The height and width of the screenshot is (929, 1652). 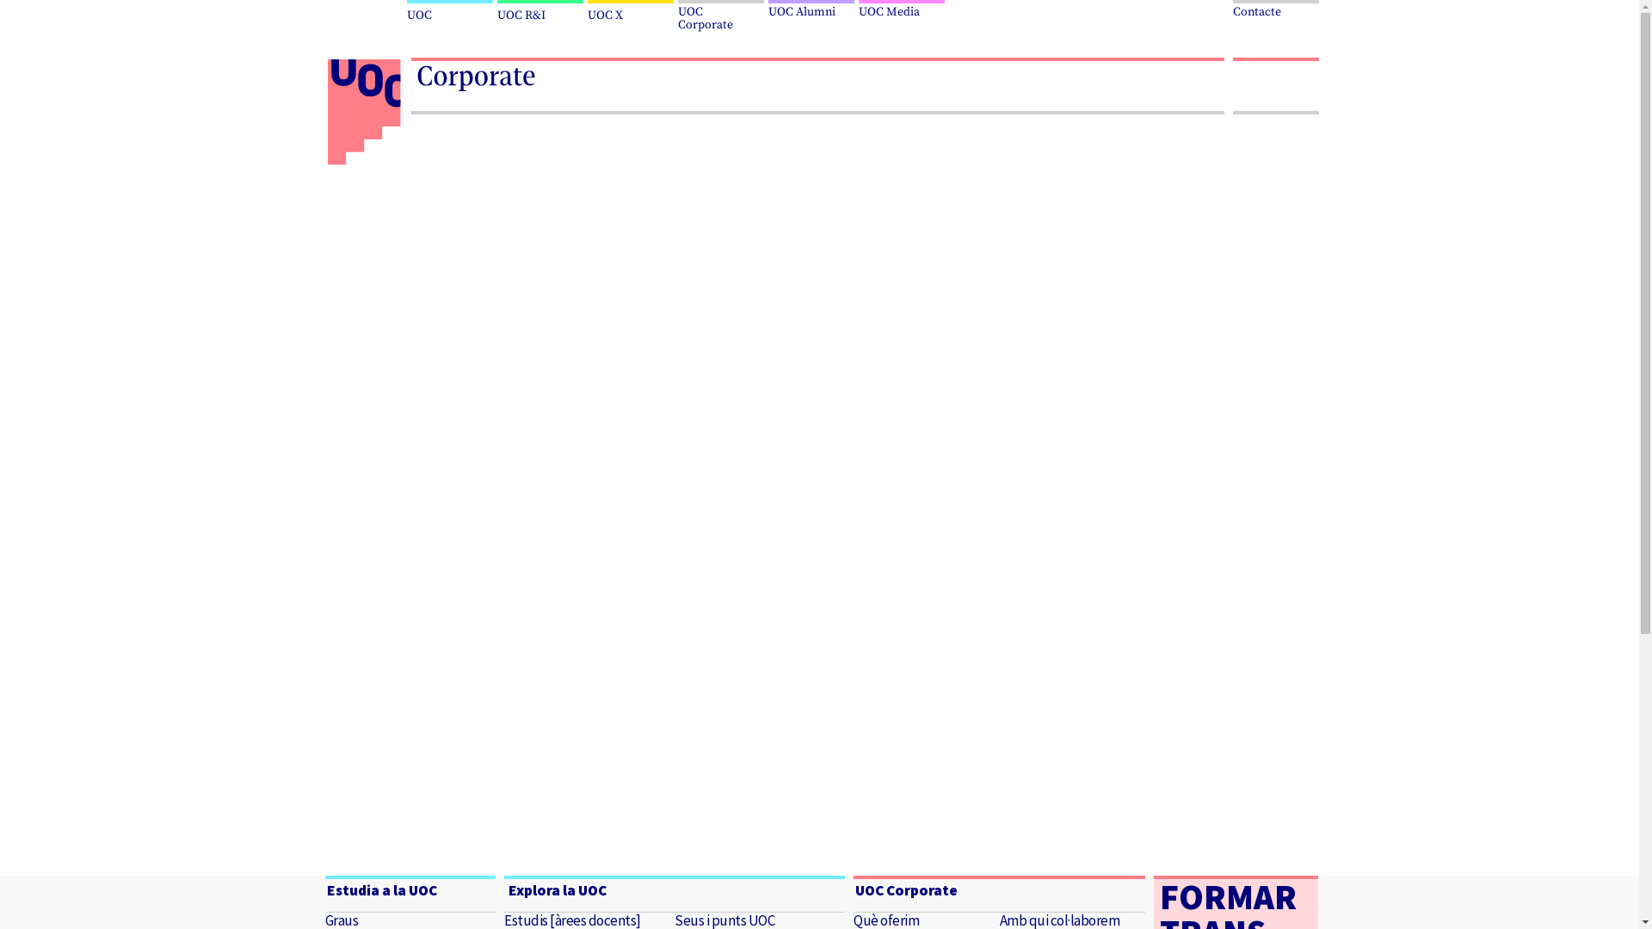 What do you see at coordinates (586, 12) in the screenshot?
I see `'UOC X'` at bounding box center [586, 12].